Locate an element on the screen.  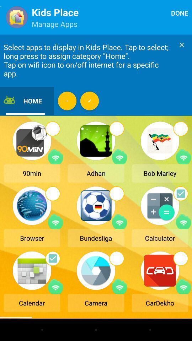
close is located at coordinates (182, 44).